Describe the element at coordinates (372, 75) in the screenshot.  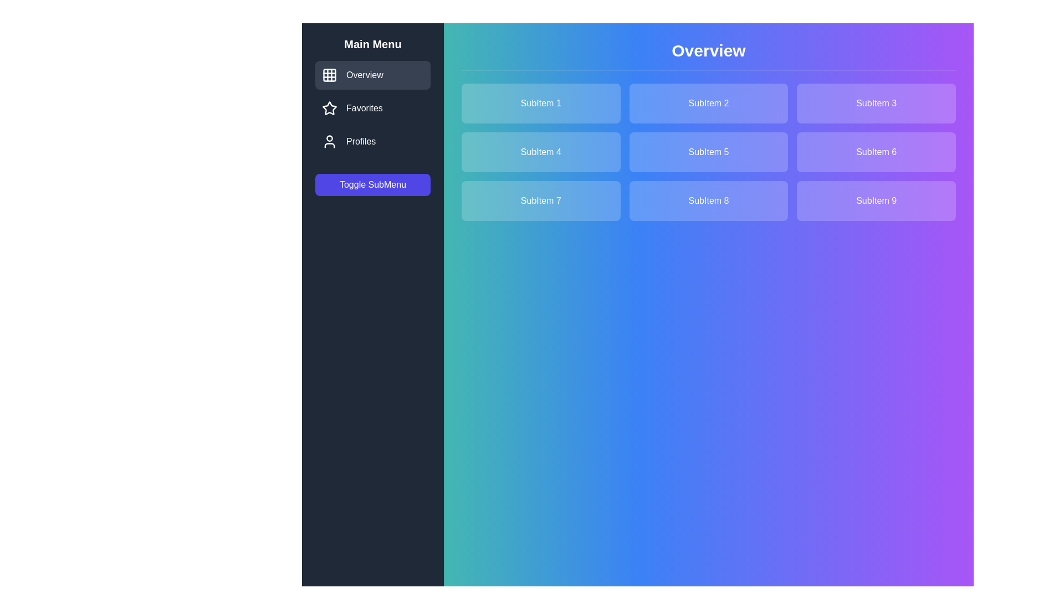
I see `the menu item Overview to navigate to its corresponding view` at that location.